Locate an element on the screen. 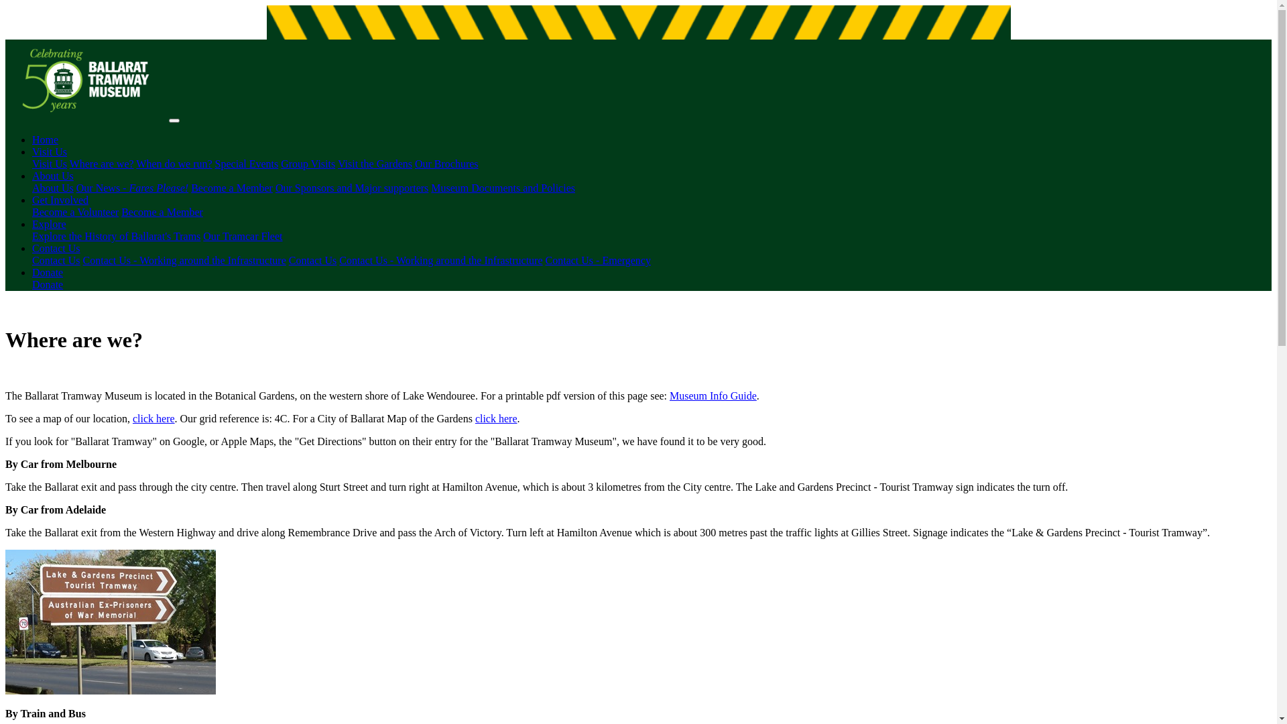  'Special Events' is located at coordinates (247, 163).